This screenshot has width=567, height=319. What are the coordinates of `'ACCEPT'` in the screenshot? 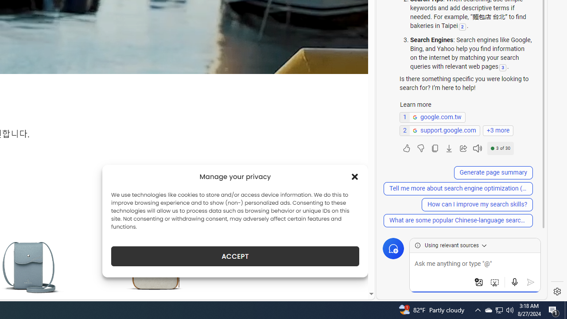 It's located at (235, 256).